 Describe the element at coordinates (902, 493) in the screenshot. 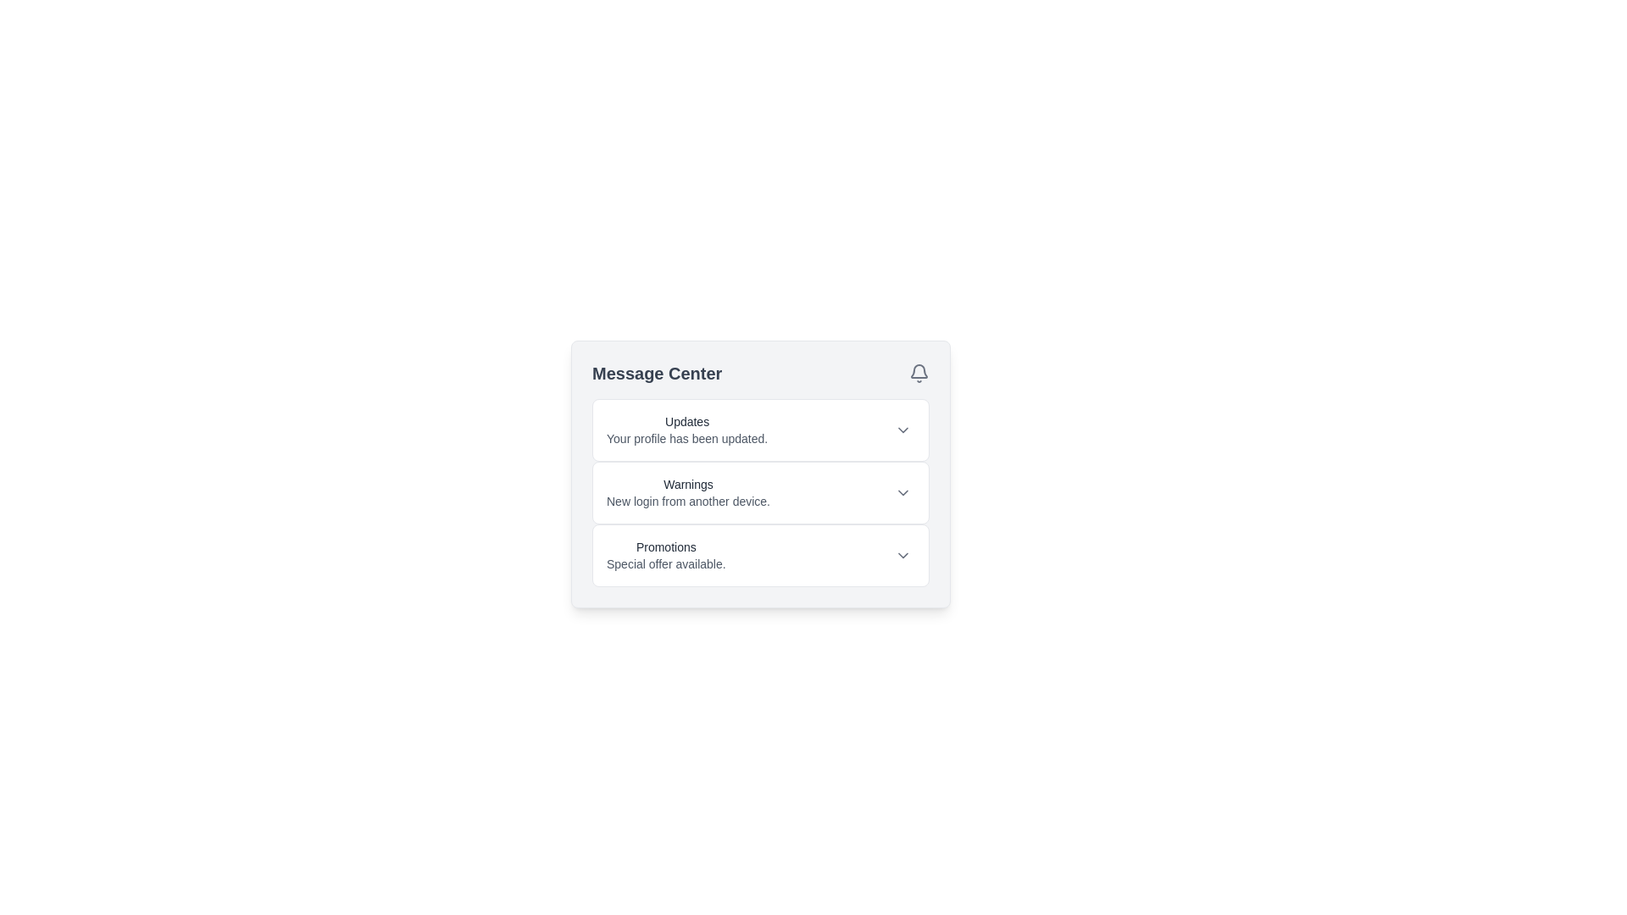

I see `the chevron toggle button icon located to the right of the 'Warnings' label in the middle panel of the 'Message Center' interface` at that location.